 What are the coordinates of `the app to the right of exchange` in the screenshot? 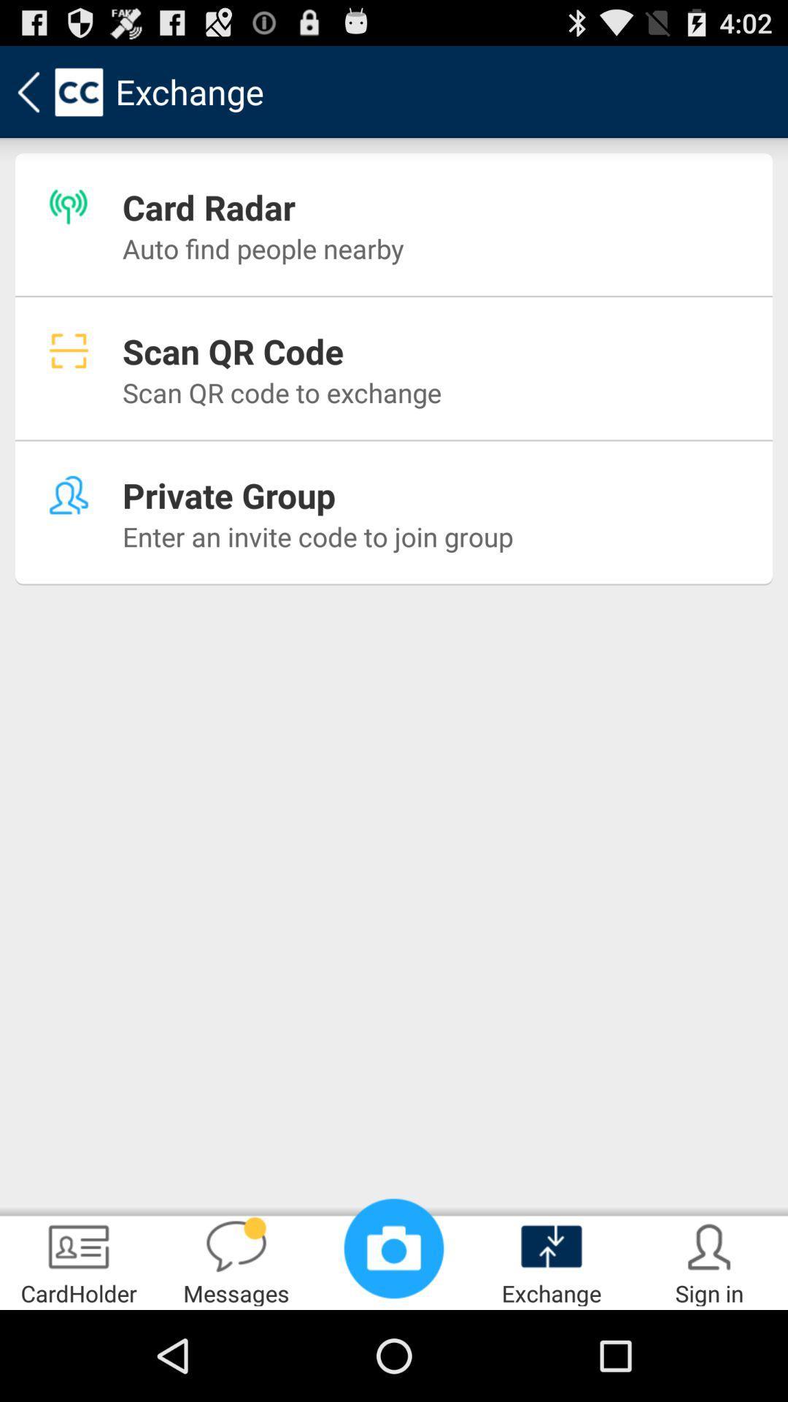 It's located at (708, 1260).